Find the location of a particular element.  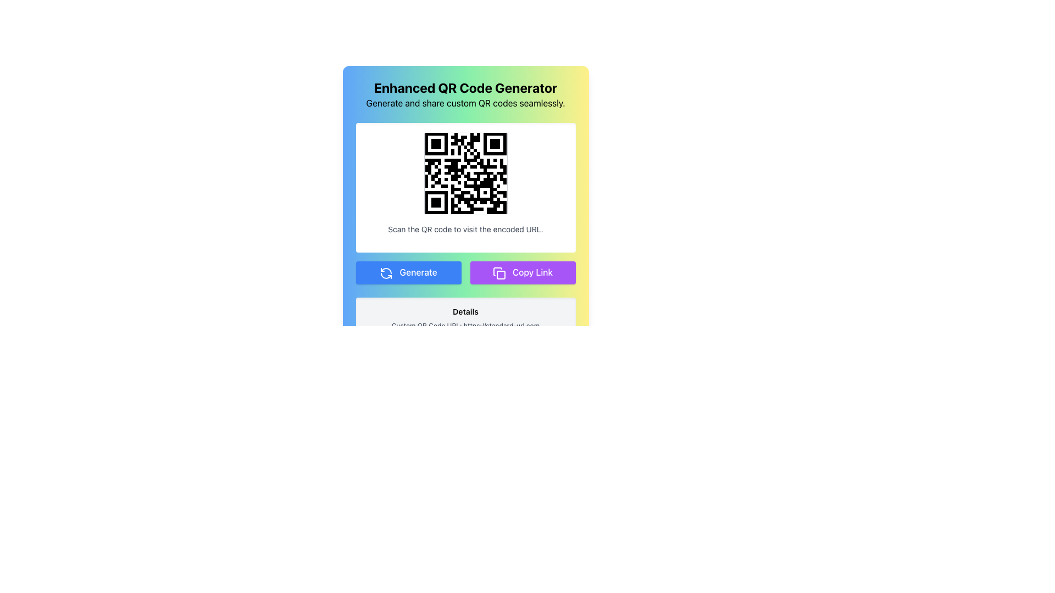

text label displayed in small-sized, gray font located directly beneath the QR code image, which serves as a description for the QR code is located at coordinates (465, 228).